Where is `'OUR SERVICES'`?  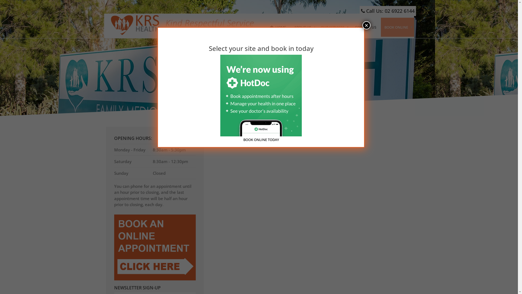
'OUR SERVICES' is located at coordinates (333, 27).